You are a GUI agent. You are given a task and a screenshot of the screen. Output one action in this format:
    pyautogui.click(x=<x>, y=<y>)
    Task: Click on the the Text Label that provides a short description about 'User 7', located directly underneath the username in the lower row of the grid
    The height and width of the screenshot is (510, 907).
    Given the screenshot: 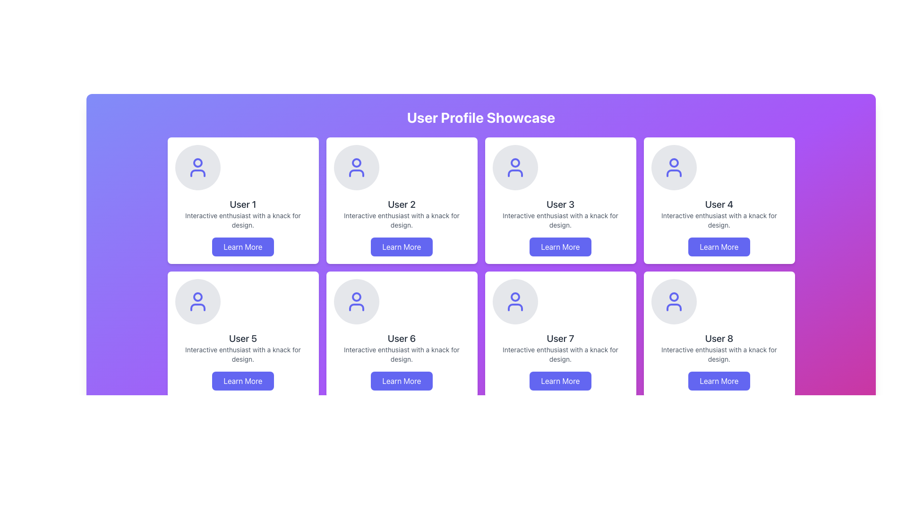 What is the action you would take?
    pyautogui.click(x=560, y=355)
    